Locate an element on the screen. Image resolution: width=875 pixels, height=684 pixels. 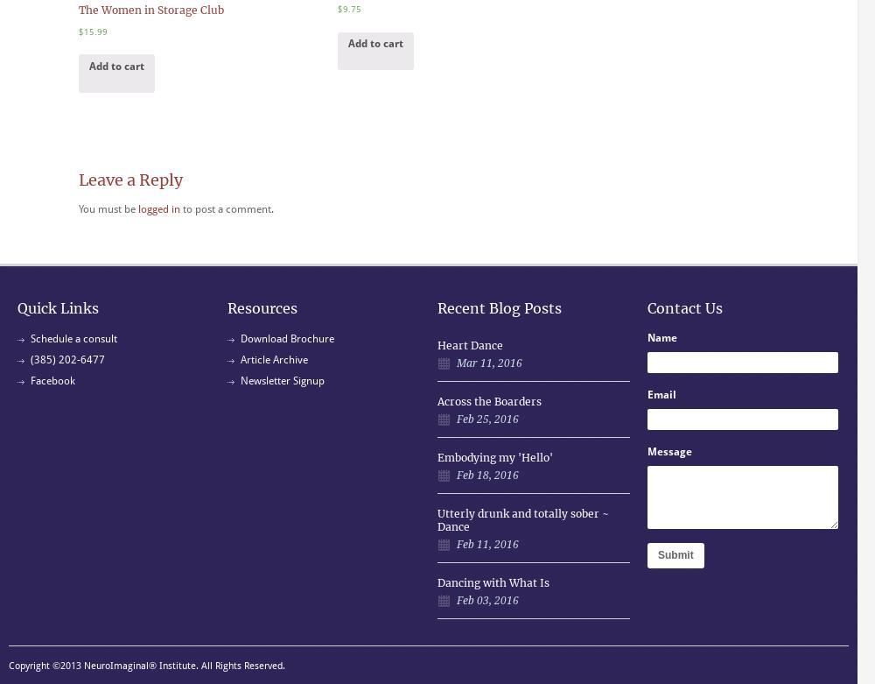
'Recent Blog Posts' is located at coordinates (499, 307).